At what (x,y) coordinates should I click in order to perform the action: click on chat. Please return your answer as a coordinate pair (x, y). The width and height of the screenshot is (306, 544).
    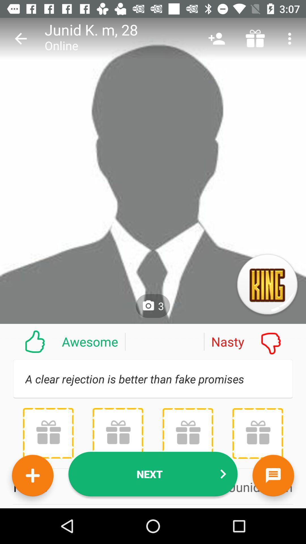
    Looking at the image, I should click on (273, 475).